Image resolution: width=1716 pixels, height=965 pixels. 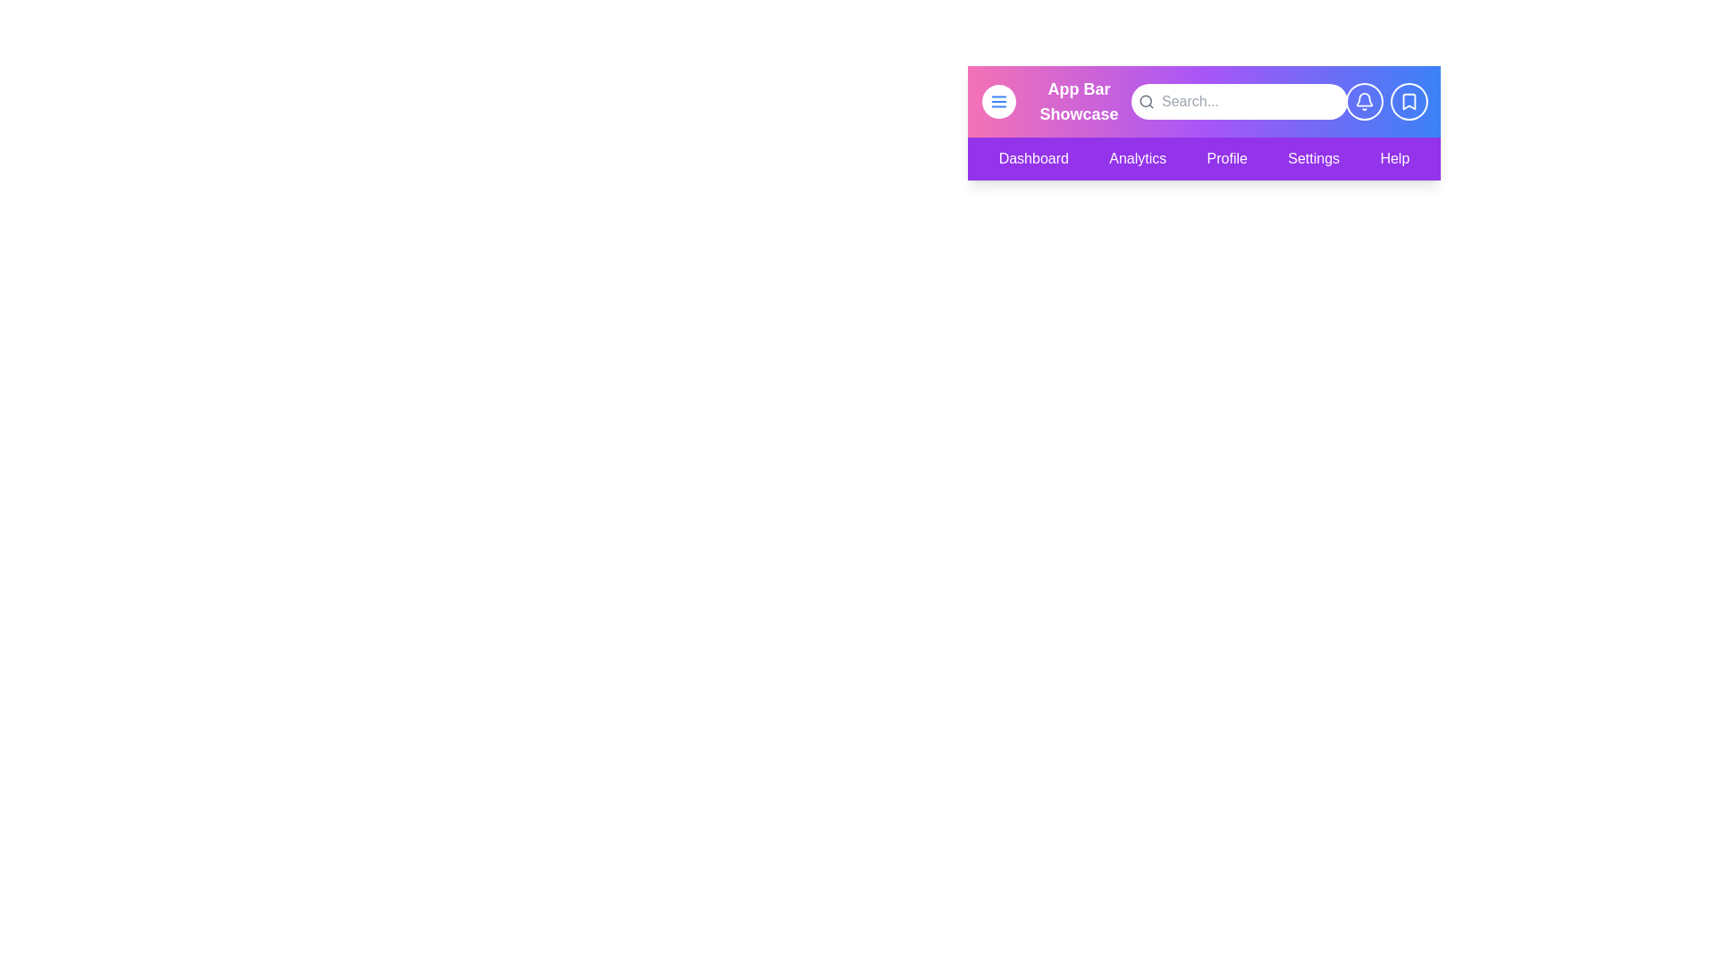 I want to click on the notification button, so click(x=1363, y=102).